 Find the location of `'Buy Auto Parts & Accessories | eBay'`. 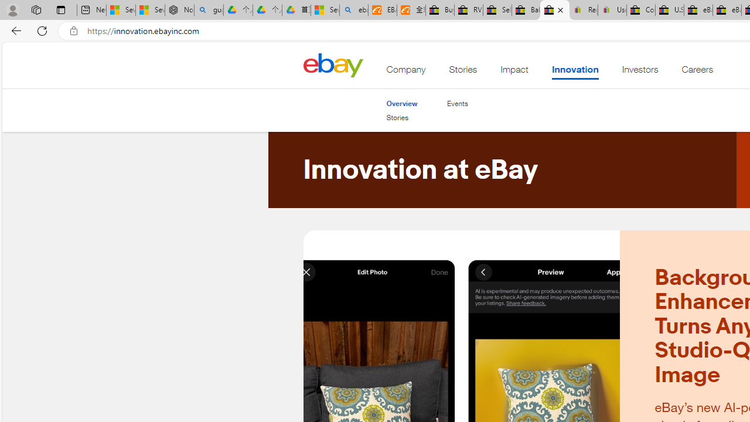

'Buy Auto Parts & Accessories | eBay' is located at coordinates (439, 10).